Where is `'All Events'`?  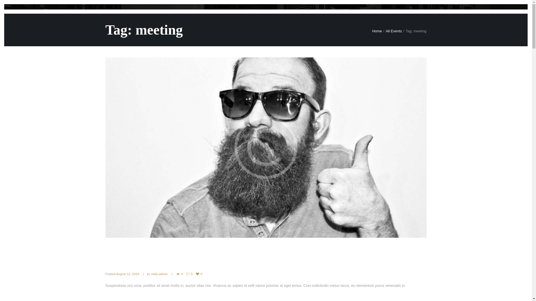
'All Events' is located at coordinates (394, 31).